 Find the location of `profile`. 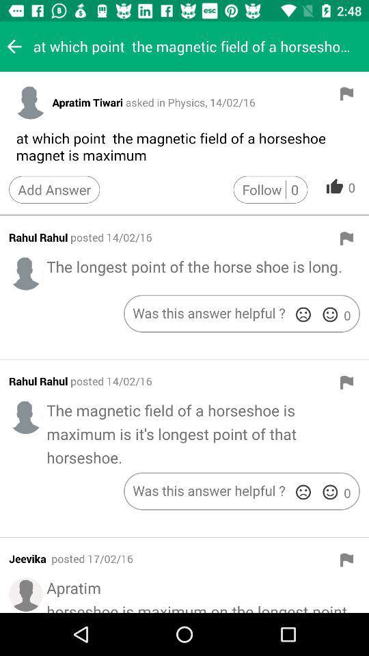

profile is located at coordinates (26, 416).